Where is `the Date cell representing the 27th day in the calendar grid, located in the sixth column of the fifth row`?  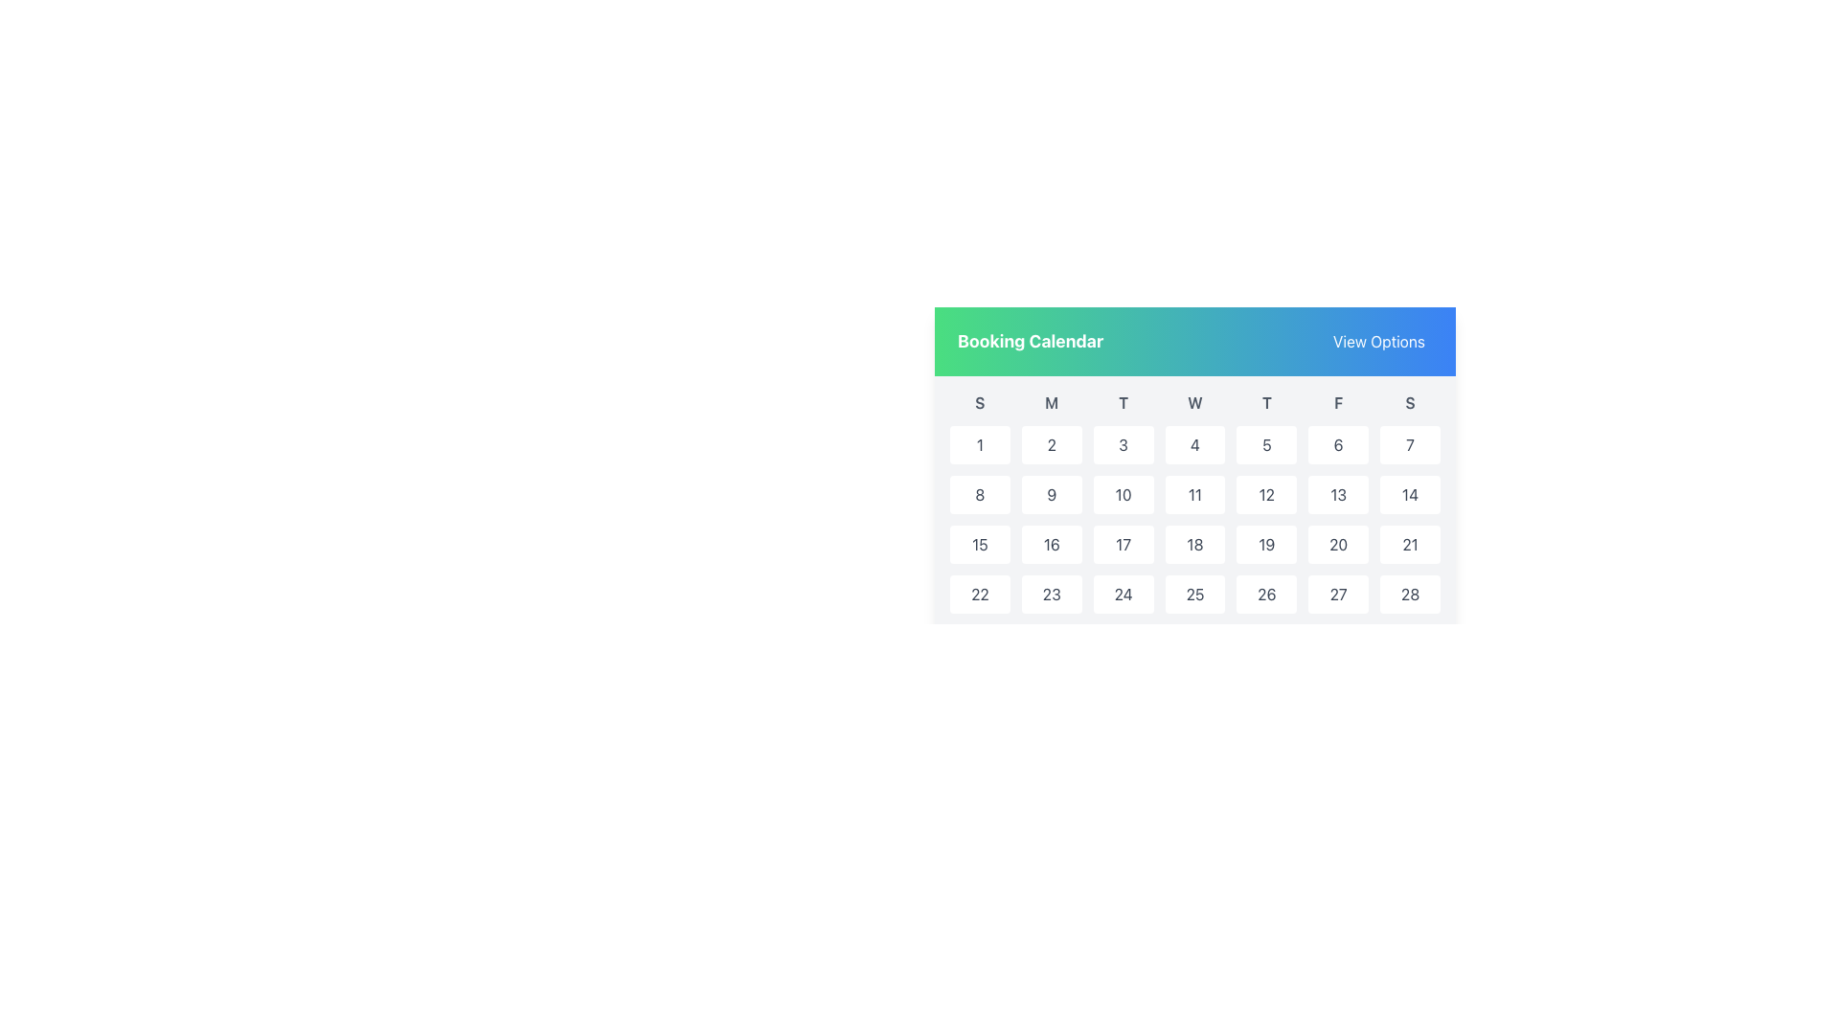 the Date cell representing the 27th day in the calendar grid, located in the sixth column of the fifth row is located at coordinates (1336, 594).